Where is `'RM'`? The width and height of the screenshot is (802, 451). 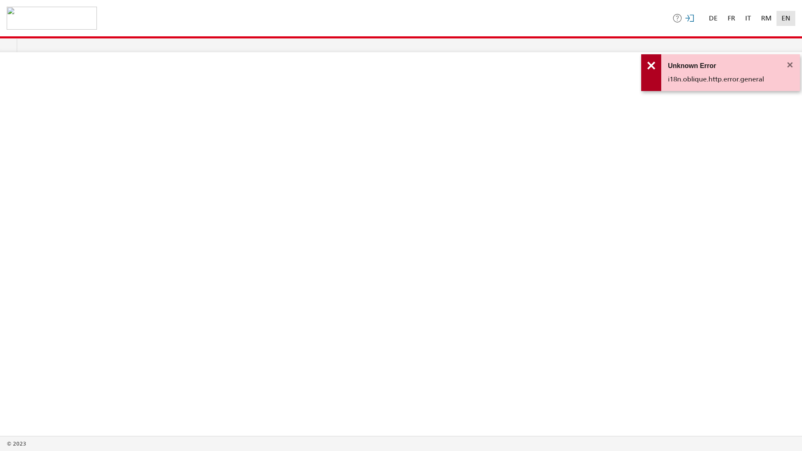 'RM' is located at coordinates (766, 18).